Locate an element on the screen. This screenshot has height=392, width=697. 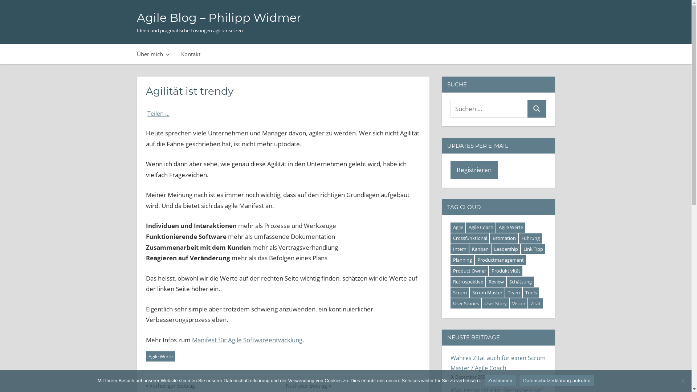
'Team' is located at coordinates (513, 292).